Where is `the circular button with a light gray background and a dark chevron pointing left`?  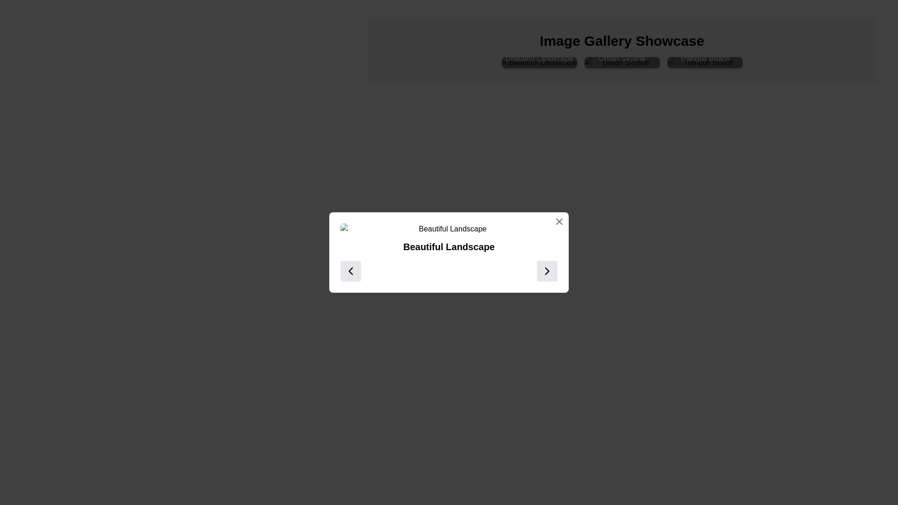
the circular button with a light gray background and a dark chevron pointing left is located at coordinates (350, 271).